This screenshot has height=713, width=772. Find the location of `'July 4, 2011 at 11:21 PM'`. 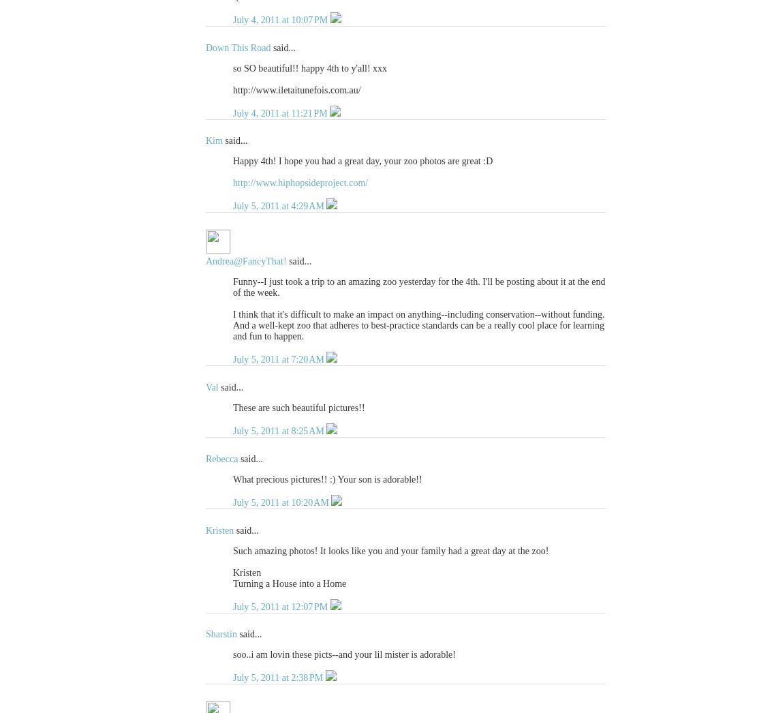

'July 4, 2011 at 11:21 PM' is located at coordinates (281, 112).